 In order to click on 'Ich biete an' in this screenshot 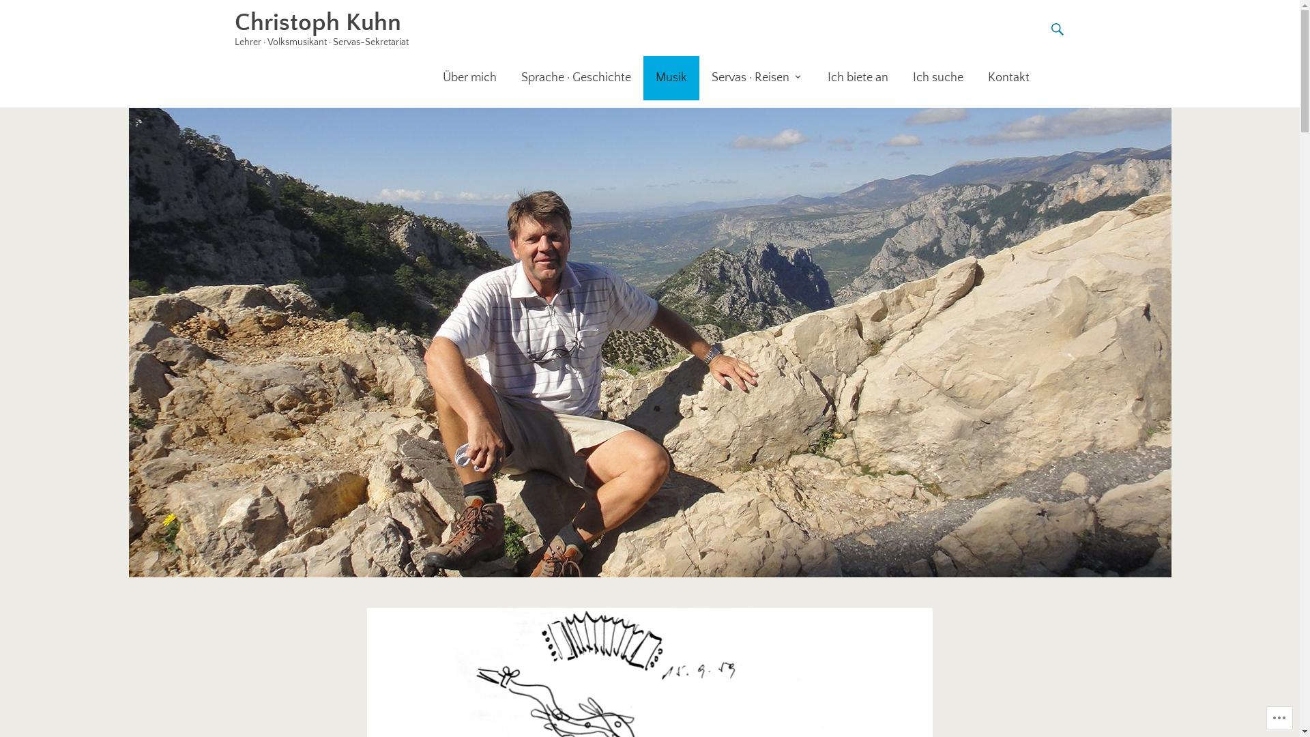, I will do `click(856, 78)`.